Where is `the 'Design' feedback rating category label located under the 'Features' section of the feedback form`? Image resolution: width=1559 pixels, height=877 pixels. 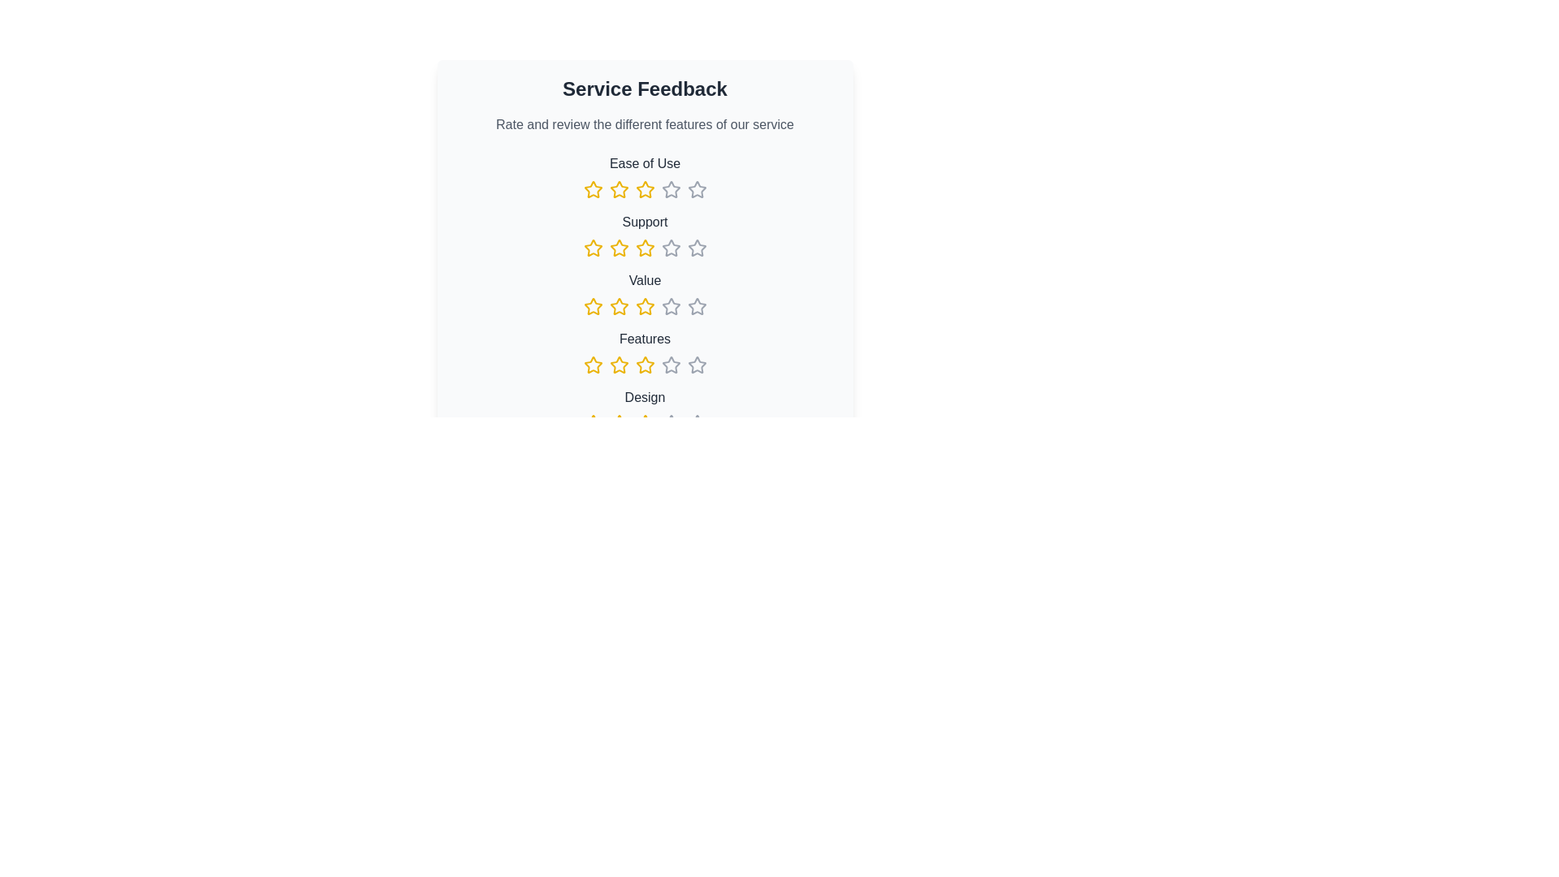 the 'Design' feedback rating category label located under the 'Features' section of the feedback form is located at coordinates (644, 409).